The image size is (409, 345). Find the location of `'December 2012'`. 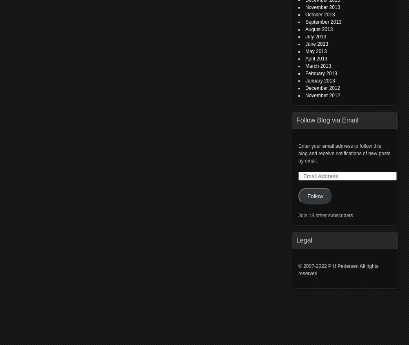

'December 2012' is located at coordinates (322, 87).